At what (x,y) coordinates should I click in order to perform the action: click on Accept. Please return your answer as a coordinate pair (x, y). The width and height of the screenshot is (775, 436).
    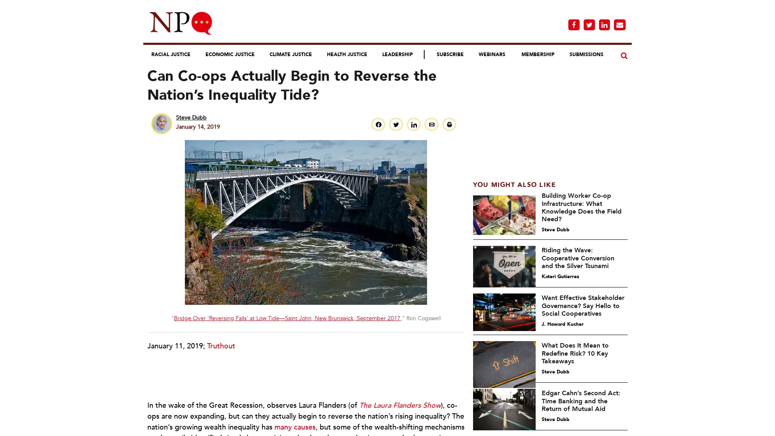
    Looking at the image, I should click on (487, 423).